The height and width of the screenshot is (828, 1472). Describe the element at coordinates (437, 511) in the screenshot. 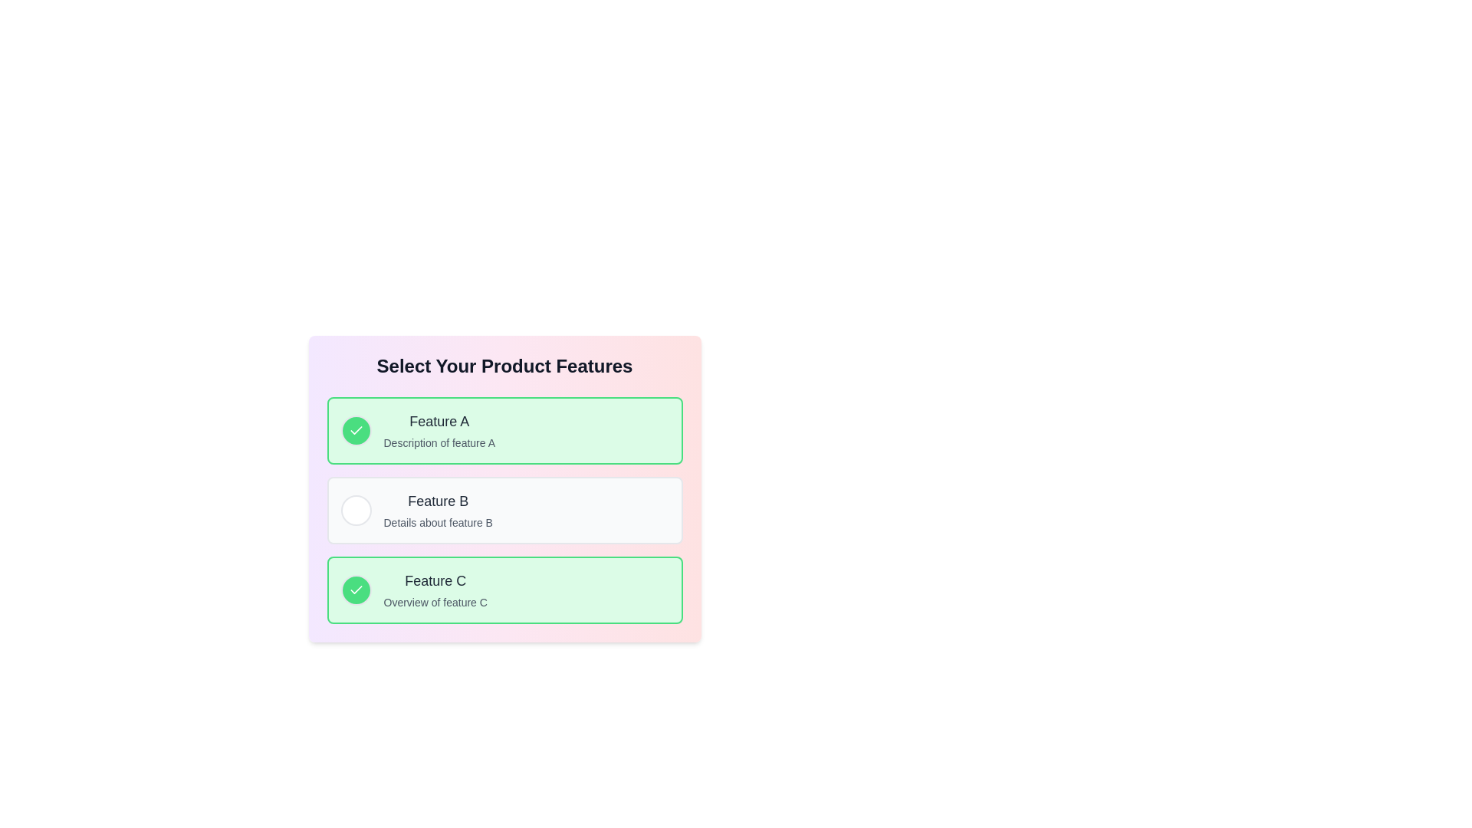

I see `text block containing the title 'Feature B' and description 'Details about feature B', located in the middle card of the second selectable card in the 'Select Your Product Features' section` at that location.